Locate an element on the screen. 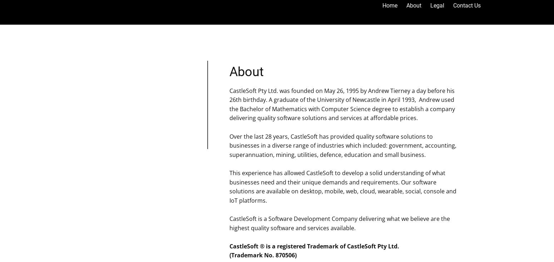 Image resolution: width=554 pixels, height=262 pixels. 'CastleSoft Studio' is located at coordinates (436, 56).